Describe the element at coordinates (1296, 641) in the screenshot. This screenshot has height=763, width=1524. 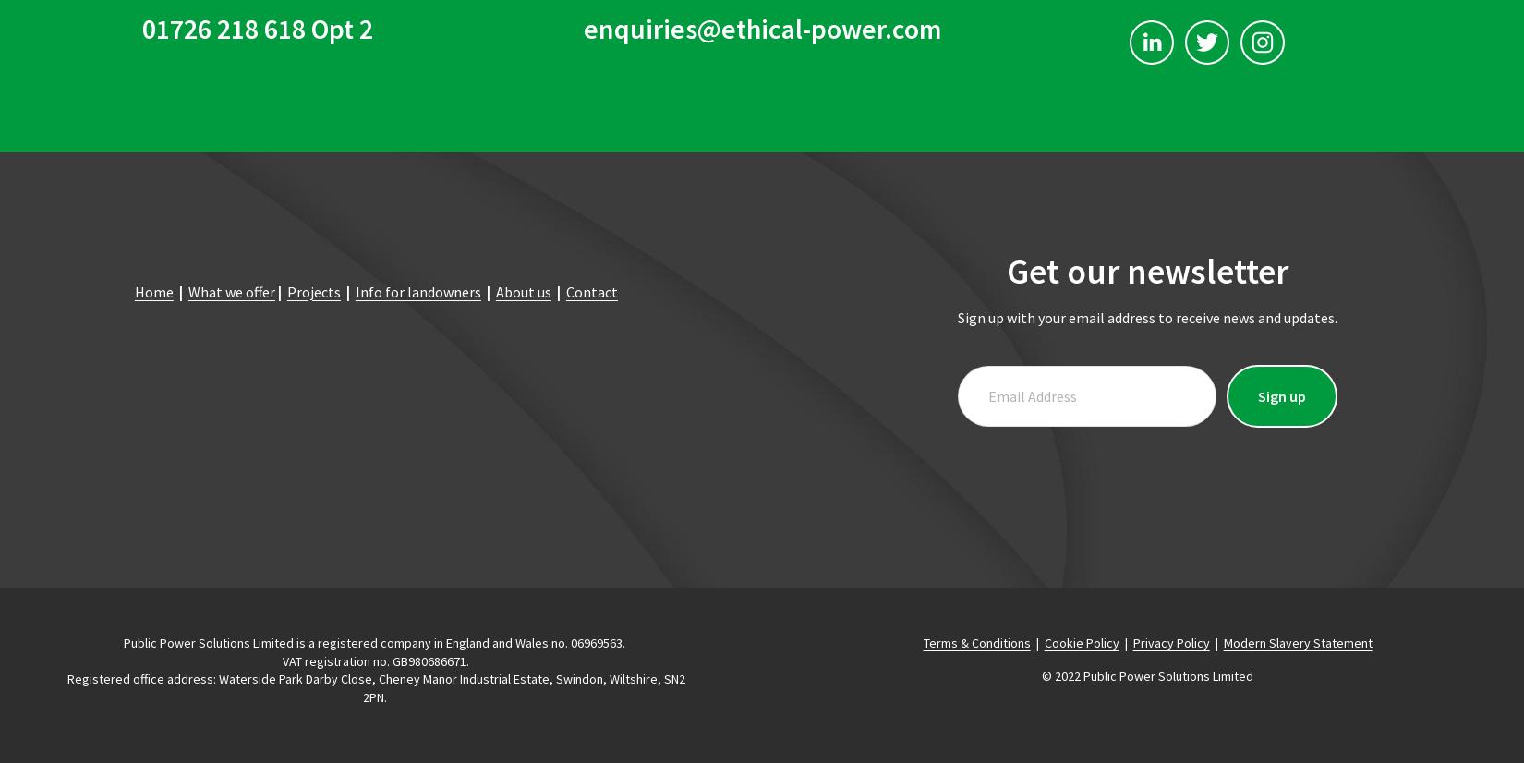
I see `'Modern Slavery Statement'` at that location.